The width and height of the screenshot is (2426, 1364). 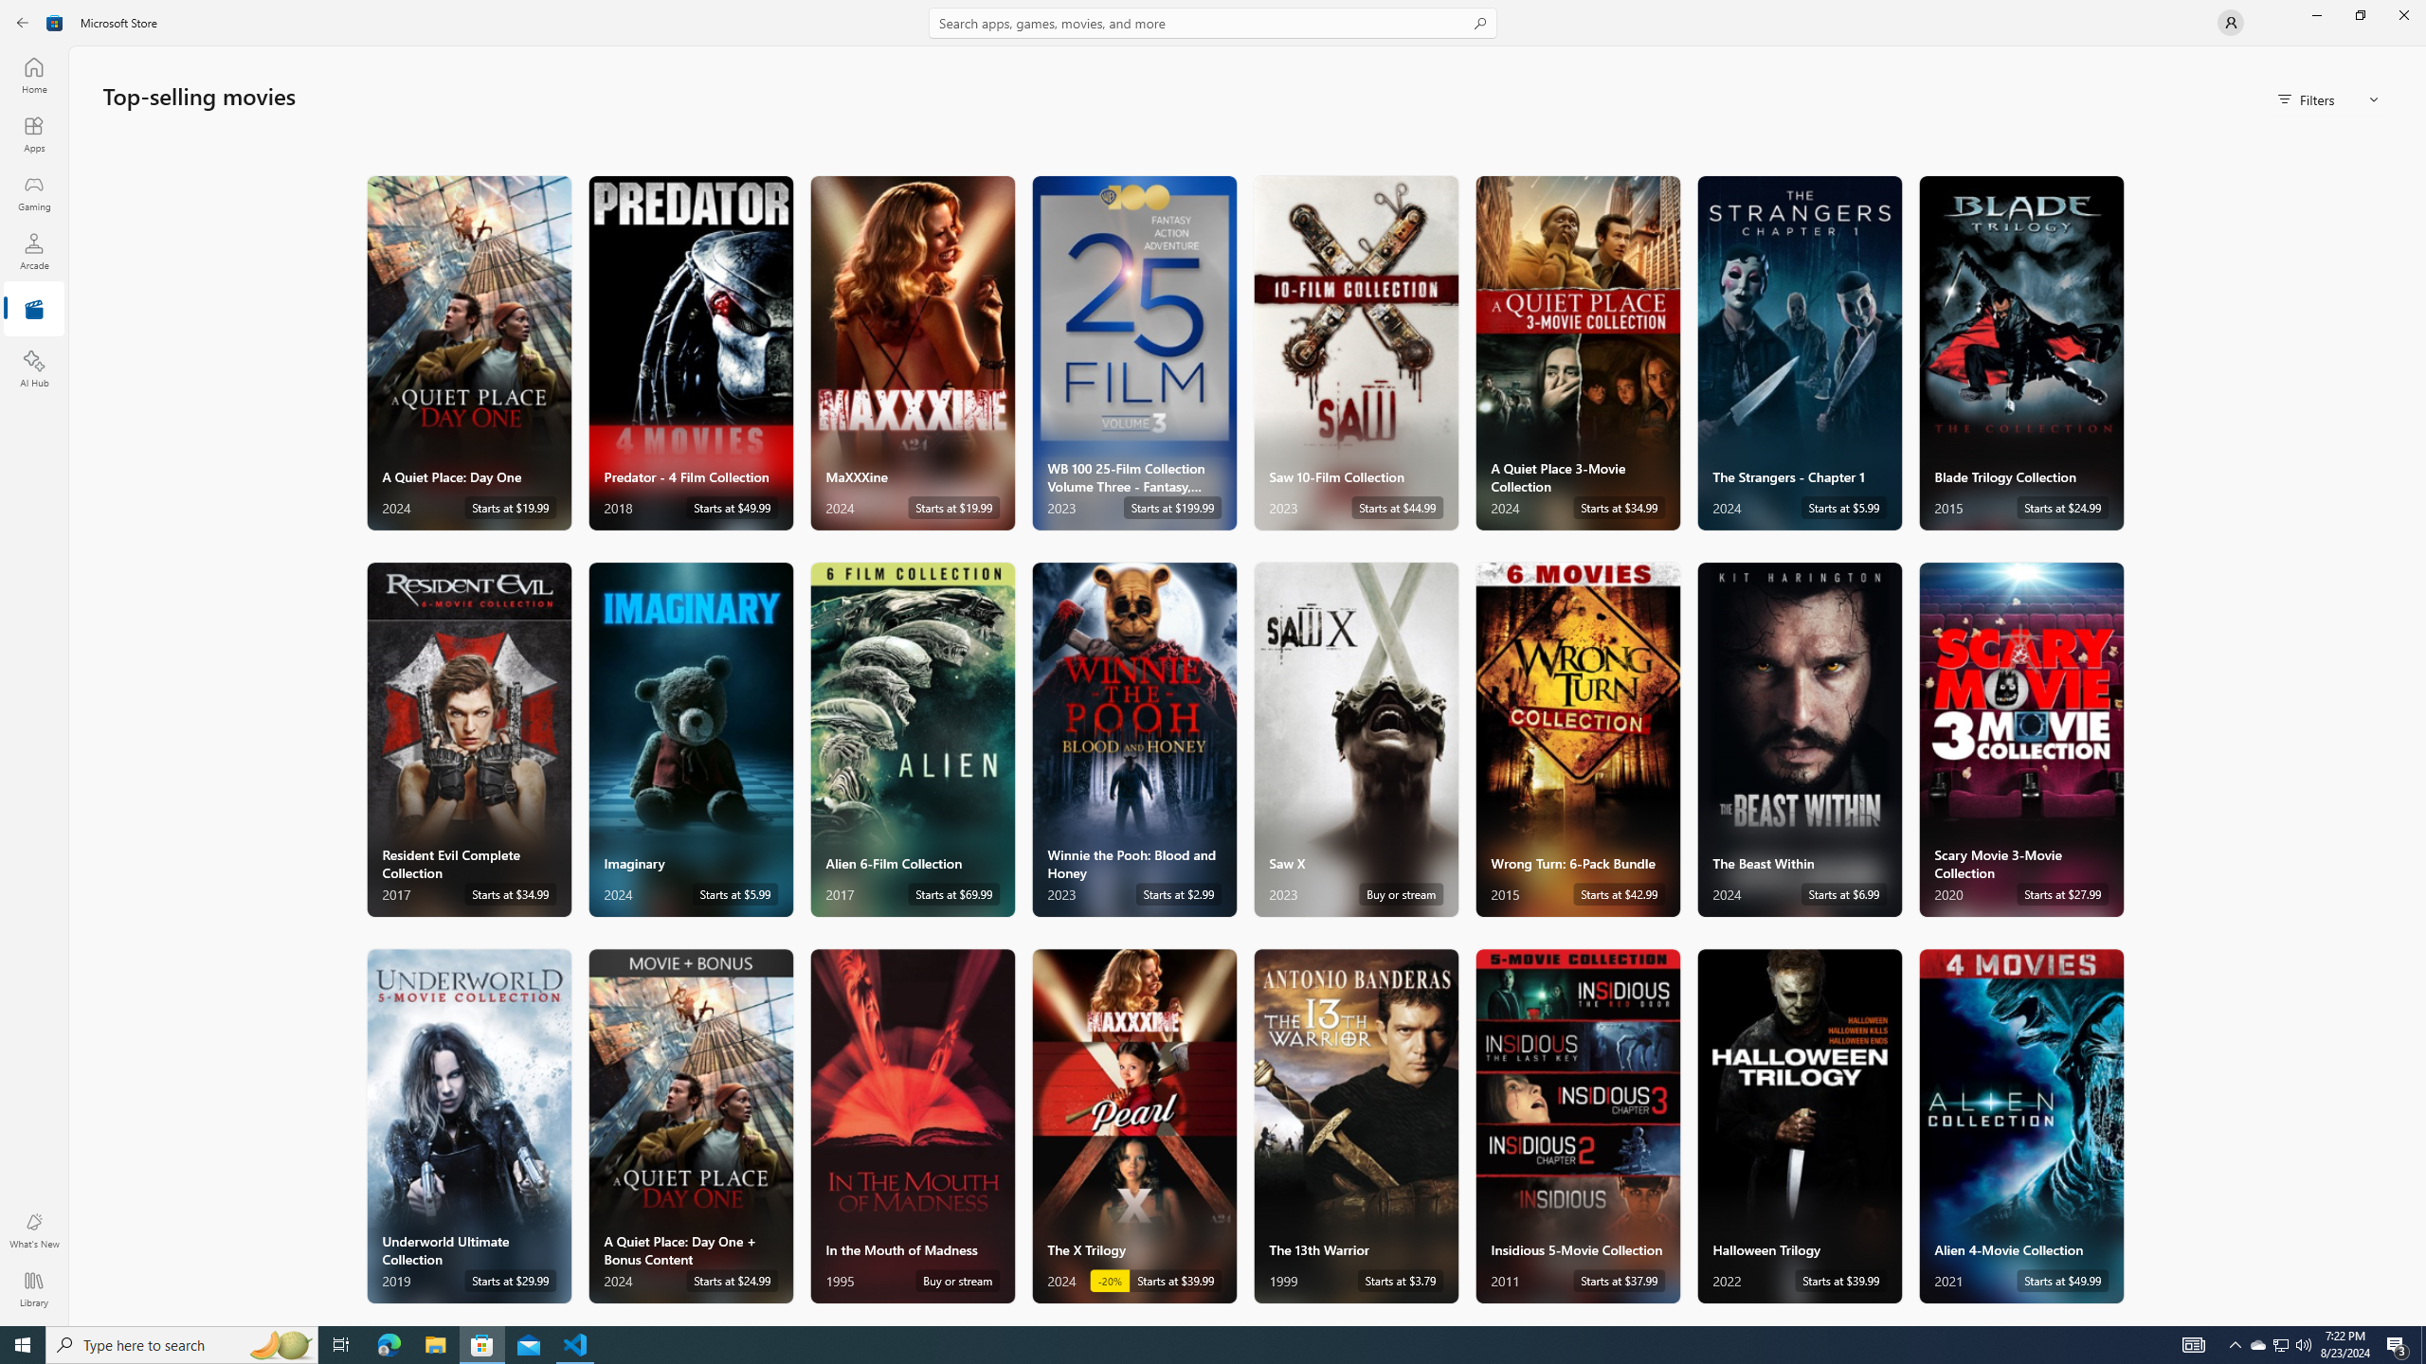 What do you see at coordinates (1798, 740) in the screenshot?
I see `'The Beast Within. Starts at $6.99  '` at bounding box center [1798, 740].